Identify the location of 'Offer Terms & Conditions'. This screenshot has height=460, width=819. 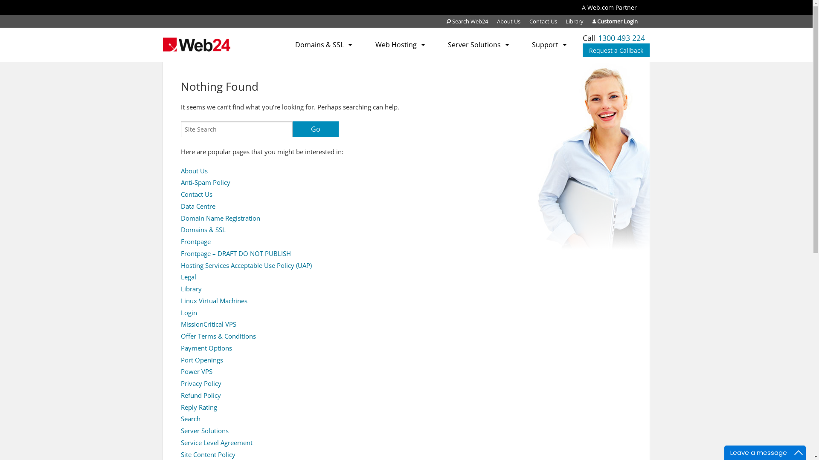
(218, 336).